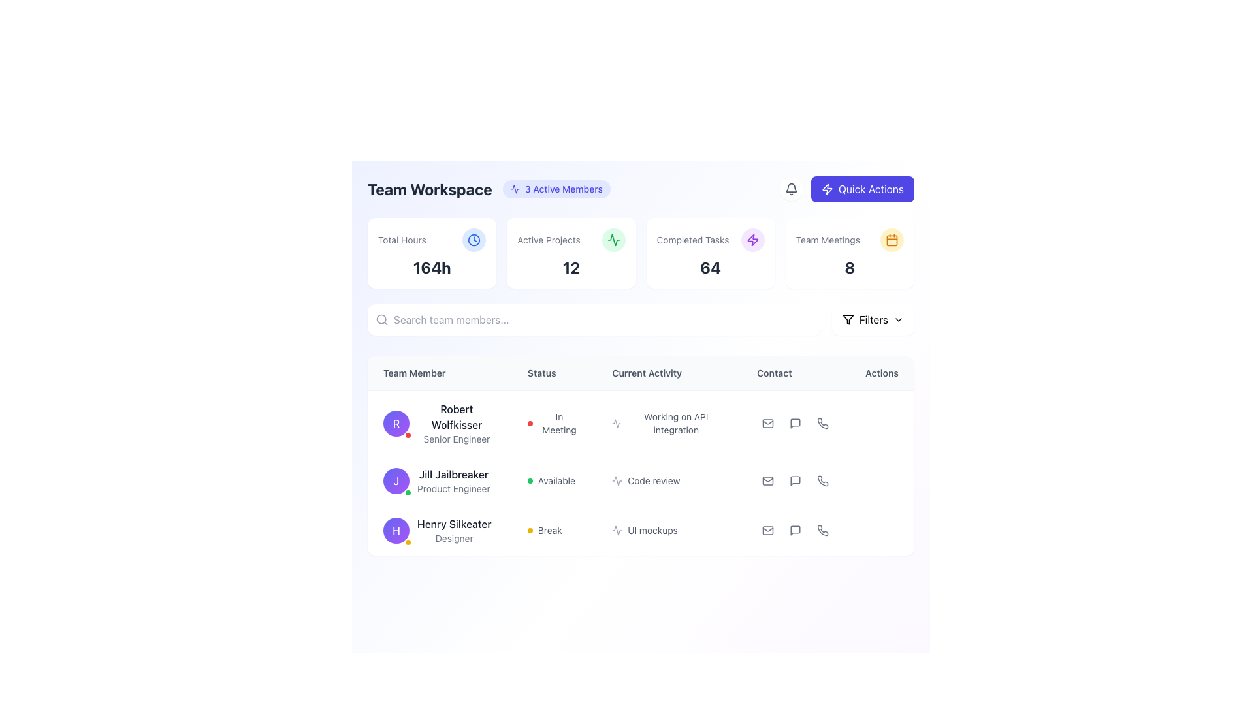 This screenshot has height=705, width=1254. Describe the element at coordinates (882, 531) in the screenshot. I see `the ellipsis menu button in the 'Actions' column of the third row corresponding to the 'Henry Silkeater' entry` at that location.